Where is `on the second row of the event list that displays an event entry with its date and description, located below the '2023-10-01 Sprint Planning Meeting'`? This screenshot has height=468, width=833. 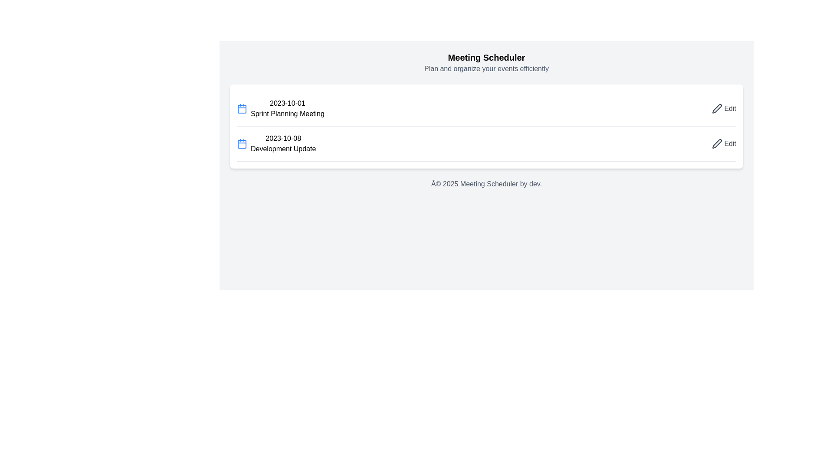
on the second row of the event list that displays an event entry with its date and description, located below the '2023-10-01 Sprint Planning Meeting' is located at coordinates (486, 143).